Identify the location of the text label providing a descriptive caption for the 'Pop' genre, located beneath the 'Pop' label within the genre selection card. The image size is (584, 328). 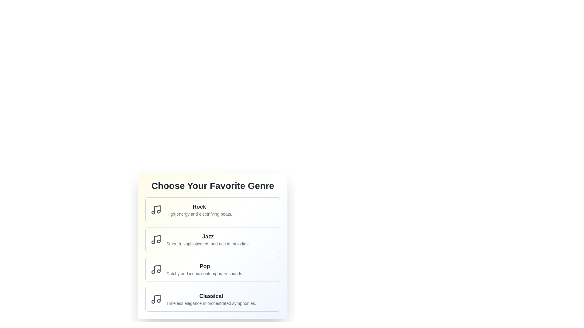
(205, 274).